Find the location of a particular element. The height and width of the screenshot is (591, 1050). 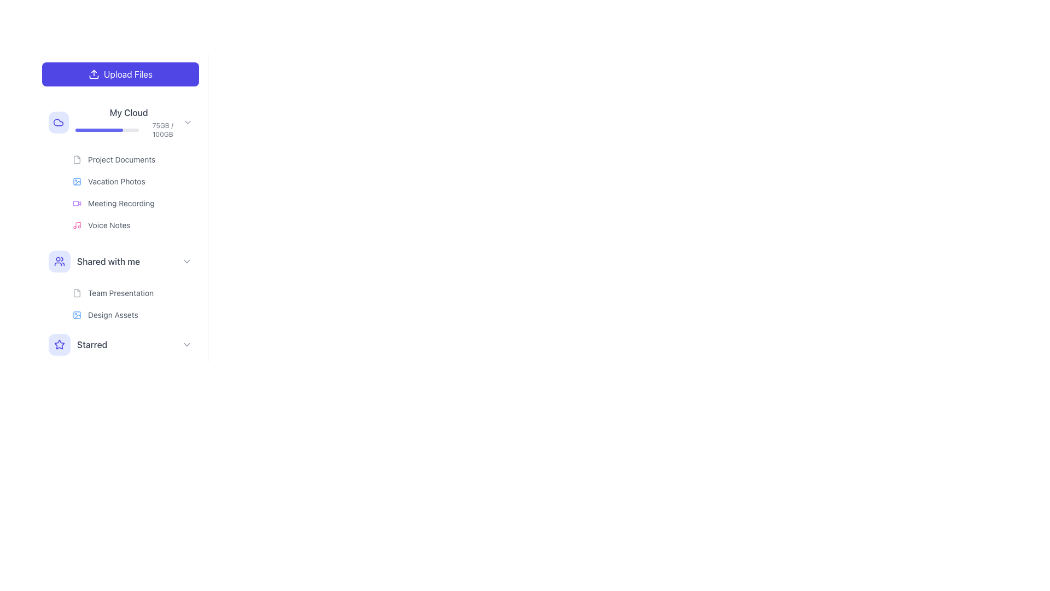

the button with an icon located to the left of the 'Shared with me' text in the vertical navigation menu is located at coordinates (59, 262).